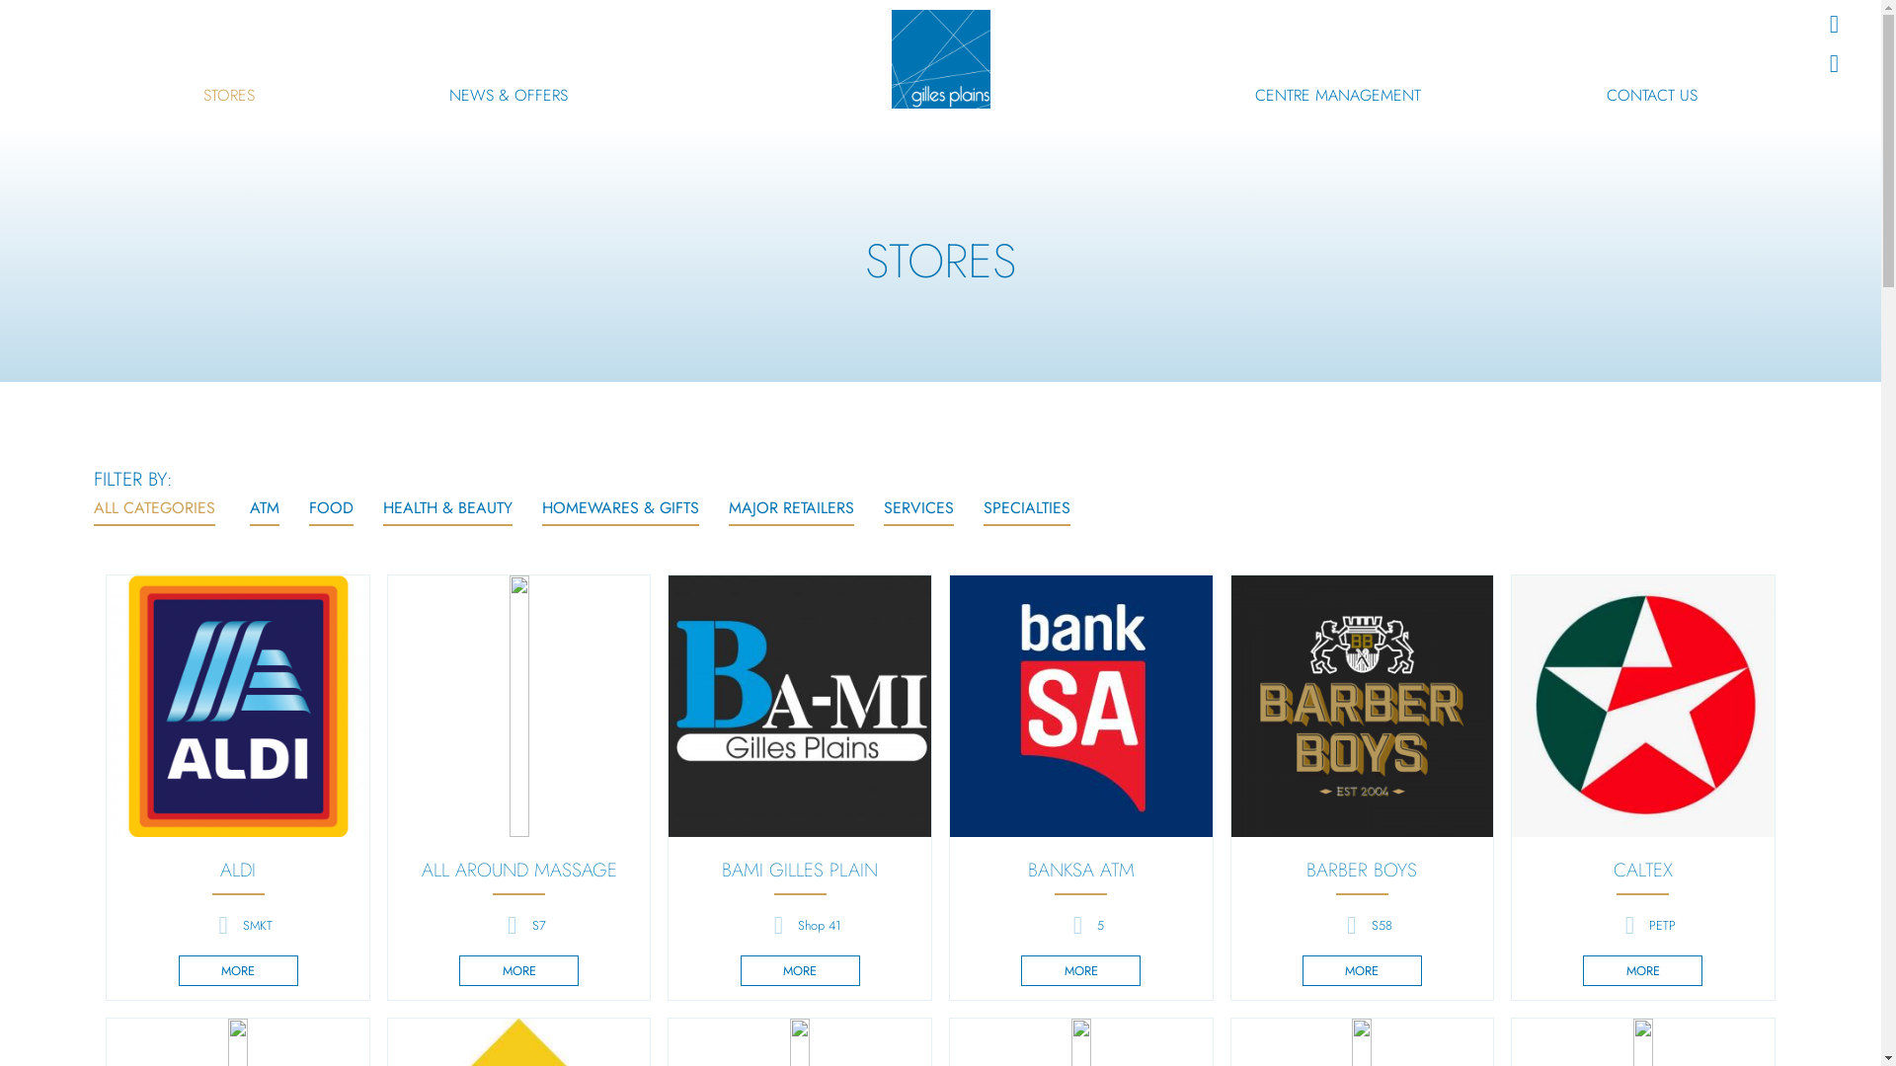  What do you see at coordinates (1254, 95) in the screenshot?
I see `'CENTRE MANAGEMENT'` at bounding box center [1254, 95].